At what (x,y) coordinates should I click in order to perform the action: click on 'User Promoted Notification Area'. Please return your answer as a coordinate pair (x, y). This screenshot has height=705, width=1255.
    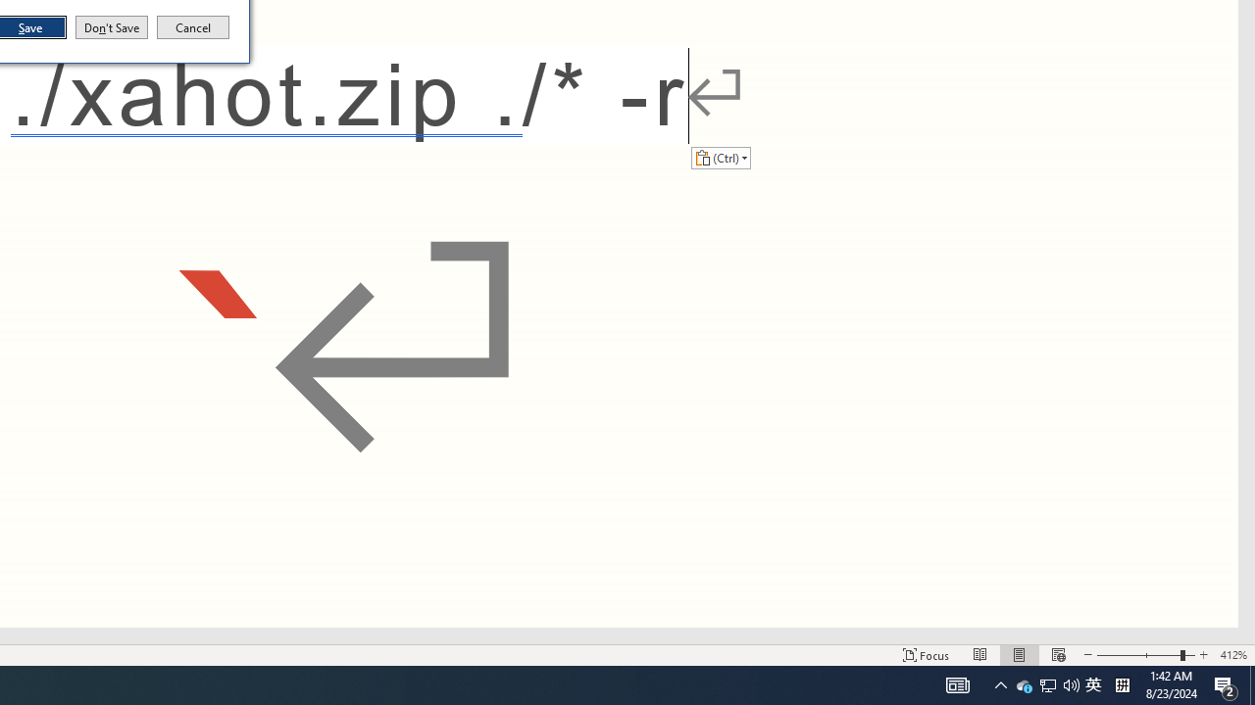
    Looking at the image, I should click on (1071, 683).